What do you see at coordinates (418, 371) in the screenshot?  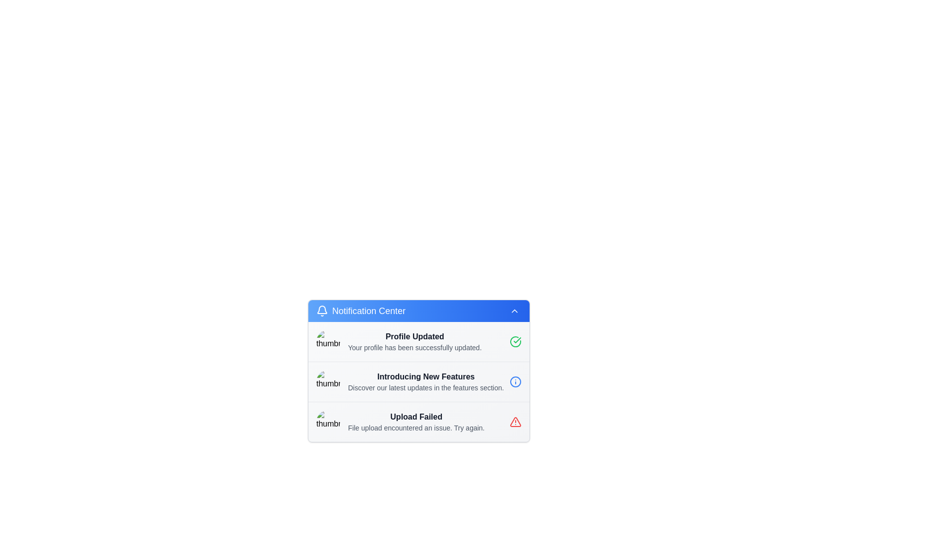 I see `the Notification card section that displays new feature availability, which is the second item in a vertically stacked list of notifications` at bounding box center [418, 371].